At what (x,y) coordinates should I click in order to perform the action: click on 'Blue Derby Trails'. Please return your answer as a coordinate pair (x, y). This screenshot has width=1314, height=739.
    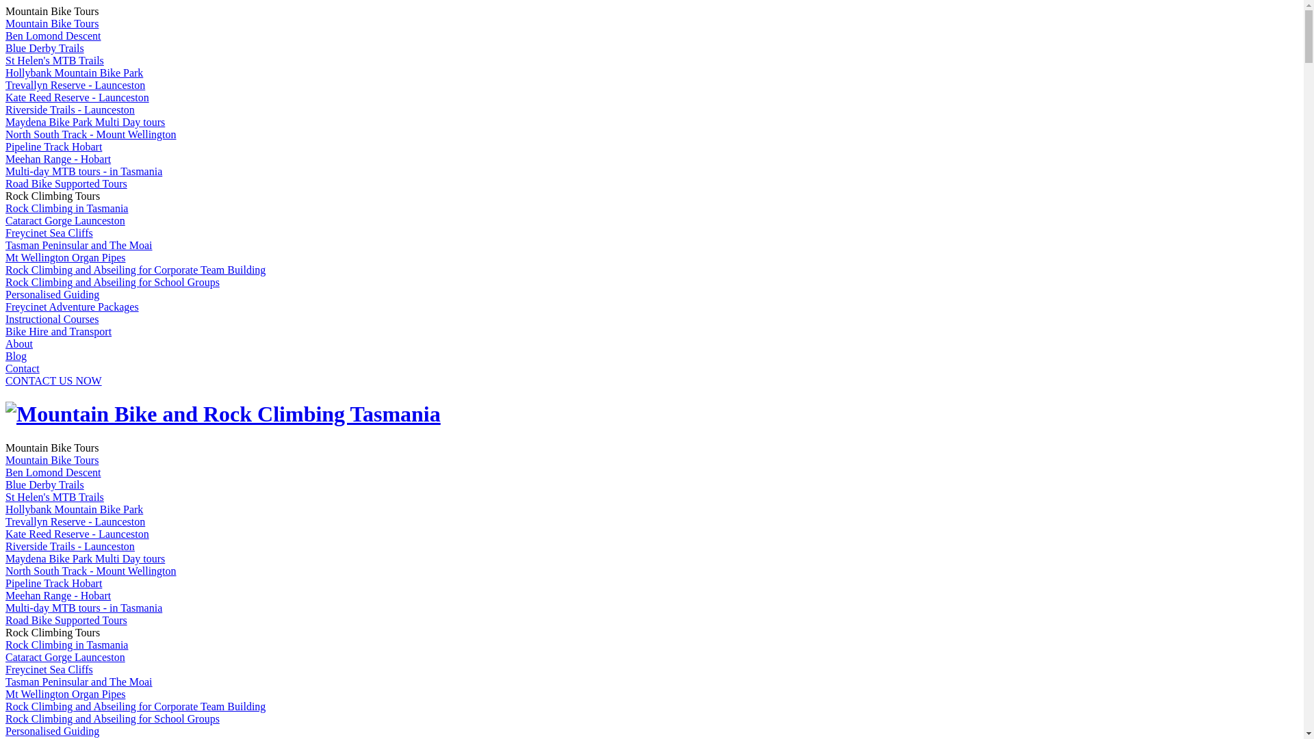
    Looking at the image, I should click on (44, 484).